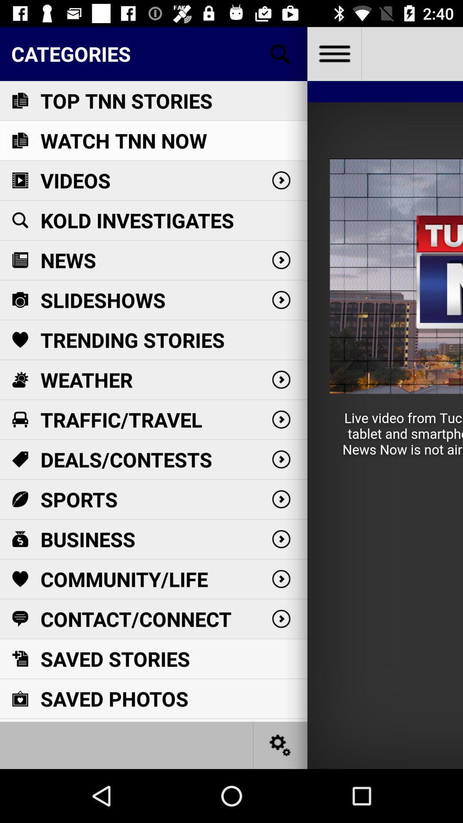 The height and width of the screenshot is (823, 463). Describe the element at coordinates (19, 420) in the screenshot. I see `the icon below the weather` at that location.